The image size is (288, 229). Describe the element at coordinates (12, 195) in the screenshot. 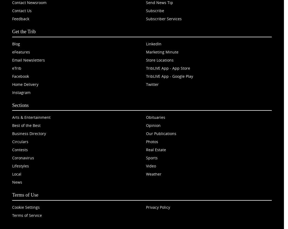

I see `'Terms of Use'` at that location.